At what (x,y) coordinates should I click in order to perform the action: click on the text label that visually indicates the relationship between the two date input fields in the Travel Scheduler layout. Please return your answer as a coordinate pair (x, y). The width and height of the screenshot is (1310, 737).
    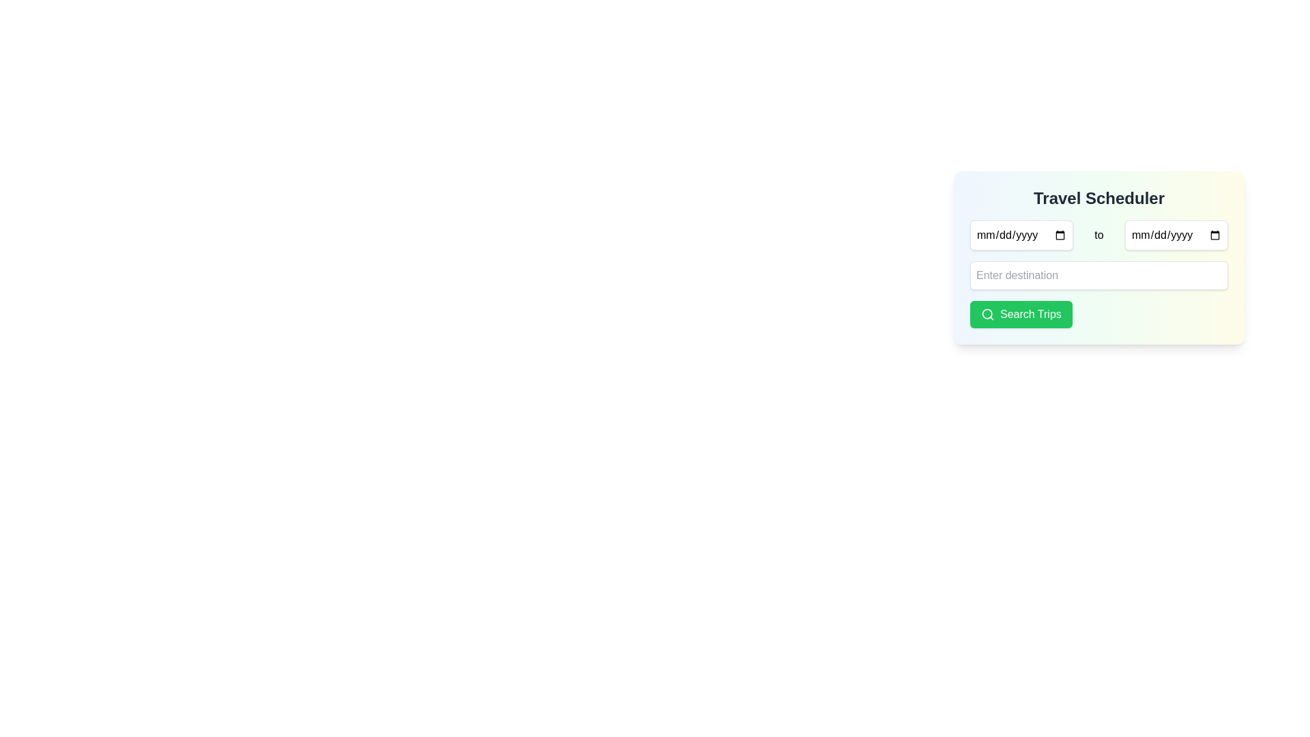
    Looking at the image, I should click on (1099, 234).